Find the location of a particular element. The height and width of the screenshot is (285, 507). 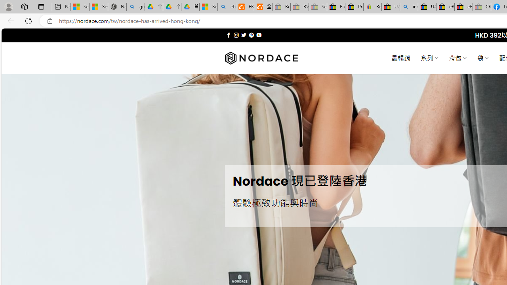

'Follow on Instagram' is located at coordinates (236, 35).